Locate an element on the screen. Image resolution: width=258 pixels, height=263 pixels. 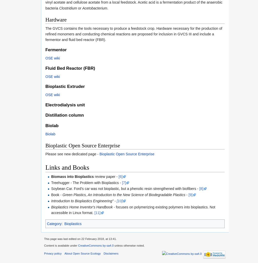
'Links and Books' is located at coordinates (67, 167).